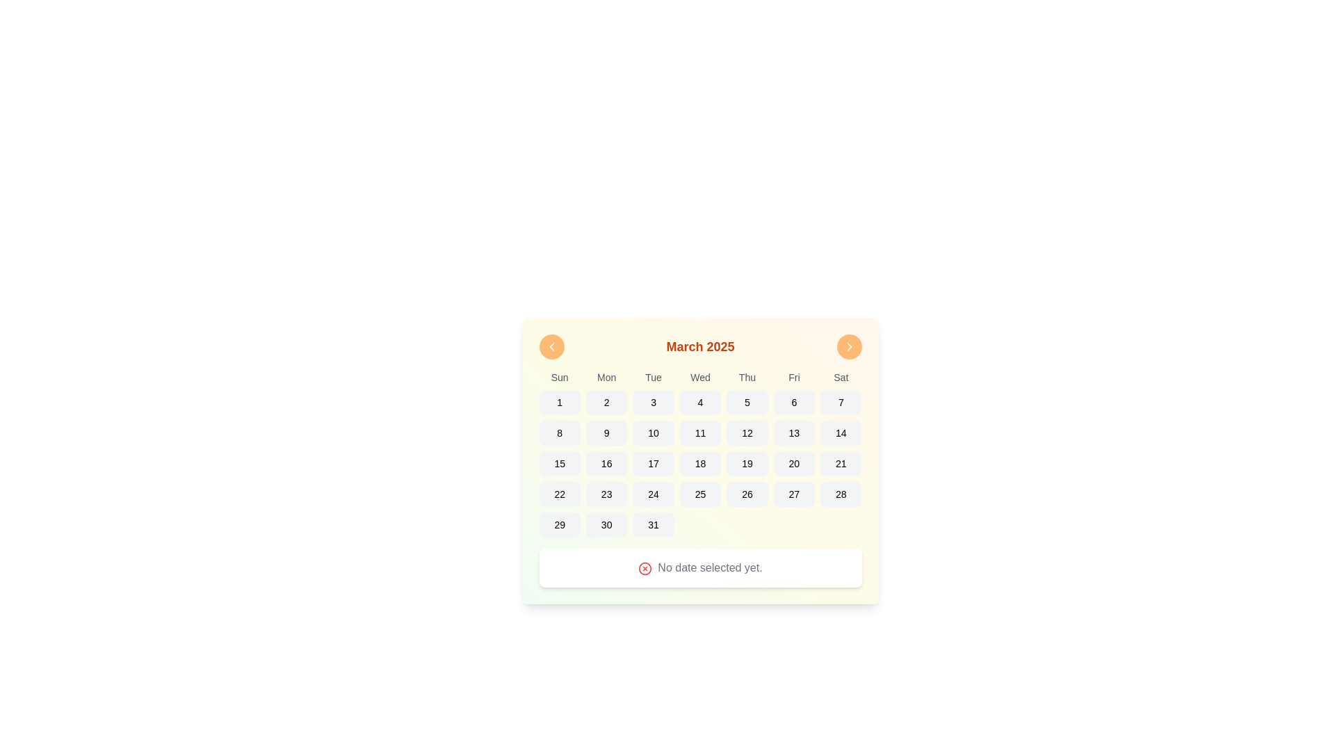  I want to click on the button displaying the number '19' in the sixth row and fifth column of the calendar grid to change its background color, so click(747, 464).